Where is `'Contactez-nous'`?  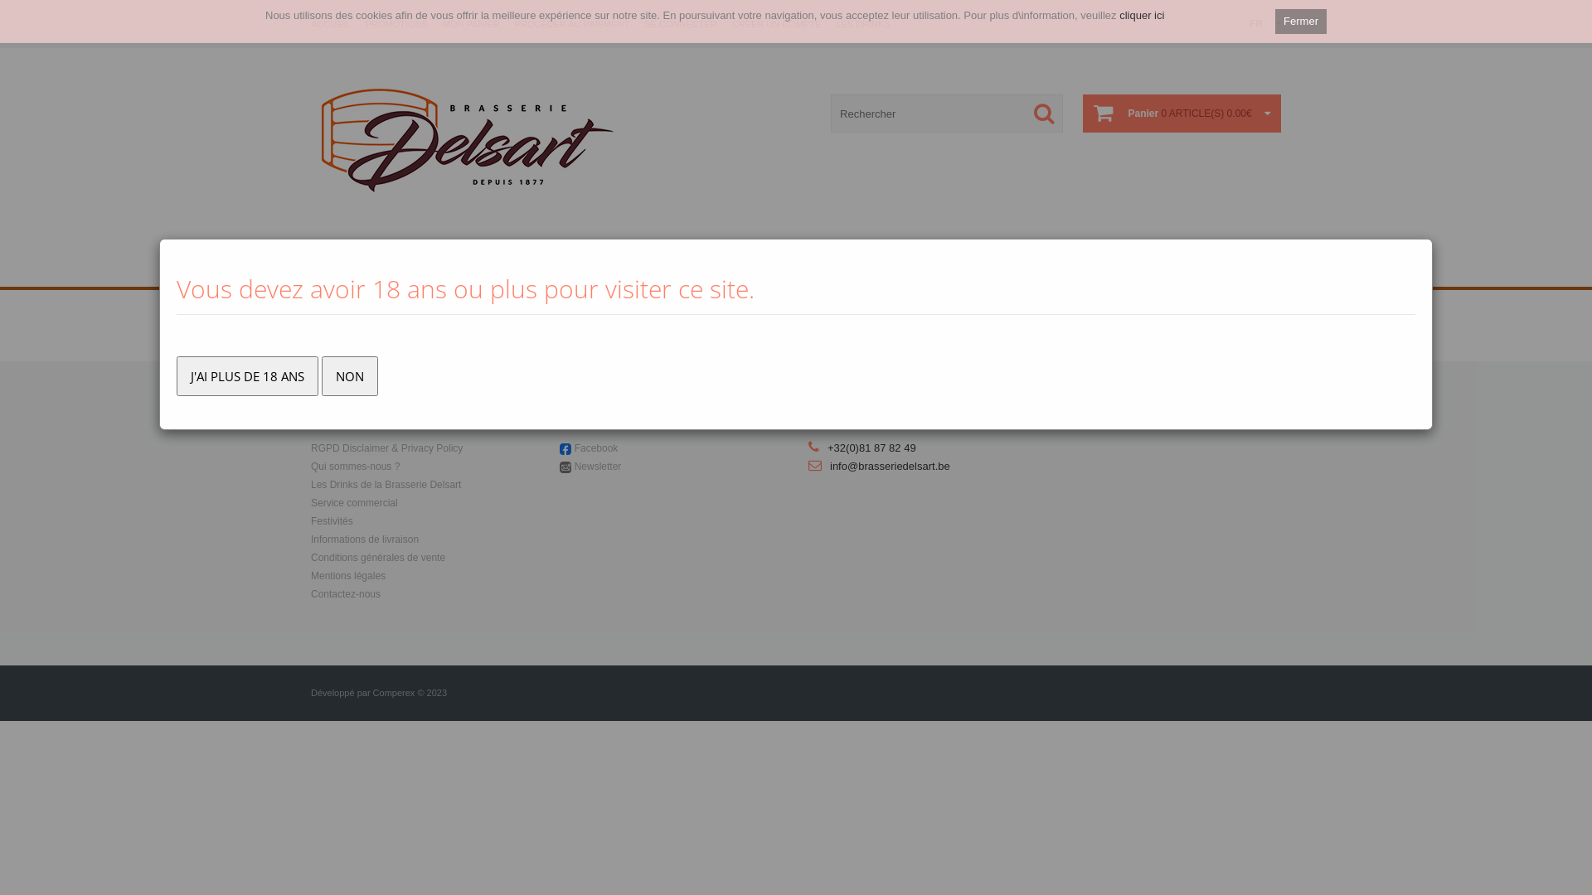 'Contactez-nous' is located at coordinates (310, 593).